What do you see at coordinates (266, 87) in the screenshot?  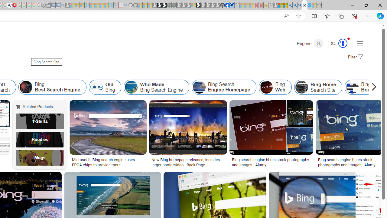 I see `'Bing Web'` at bounding box center [266, 87].